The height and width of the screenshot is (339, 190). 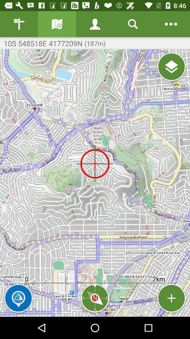 What do you see at coordinates (57, 24) in the screenshot?
I see `open the map` at bounding box center [57, 24].